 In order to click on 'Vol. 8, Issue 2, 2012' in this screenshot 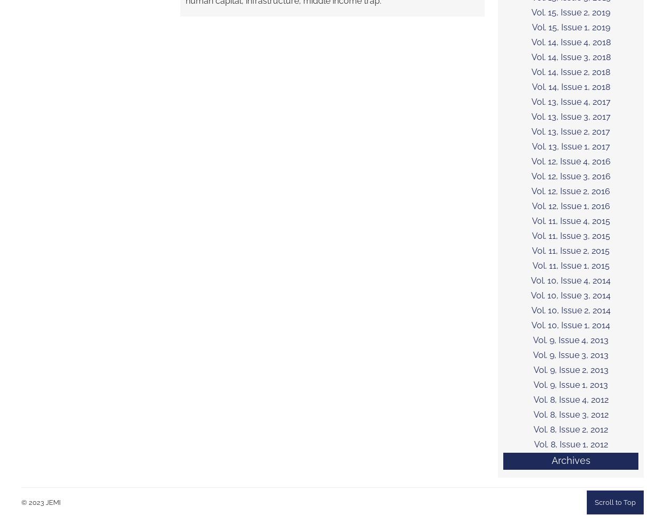, I will do `click(570, 429)`.